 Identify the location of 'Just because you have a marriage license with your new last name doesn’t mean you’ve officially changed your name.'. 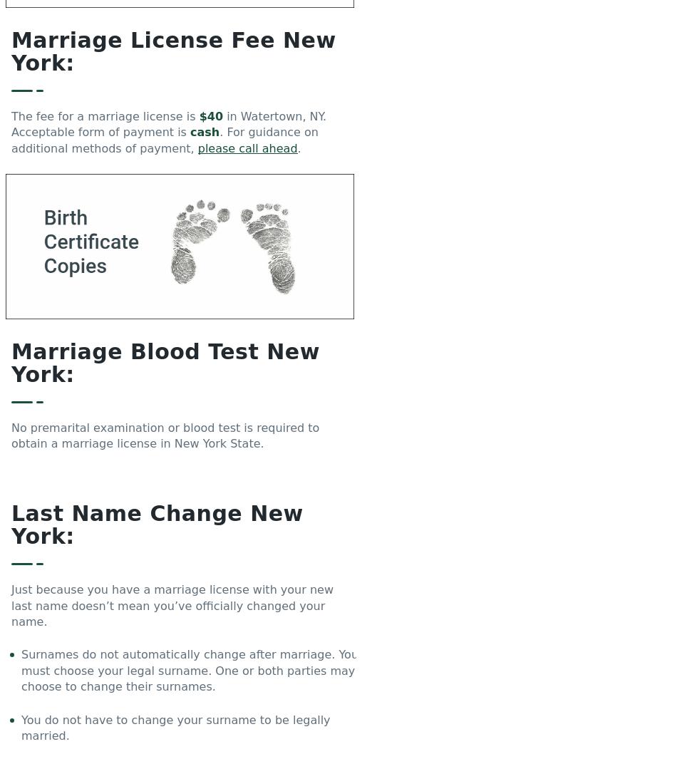
(172, 605).